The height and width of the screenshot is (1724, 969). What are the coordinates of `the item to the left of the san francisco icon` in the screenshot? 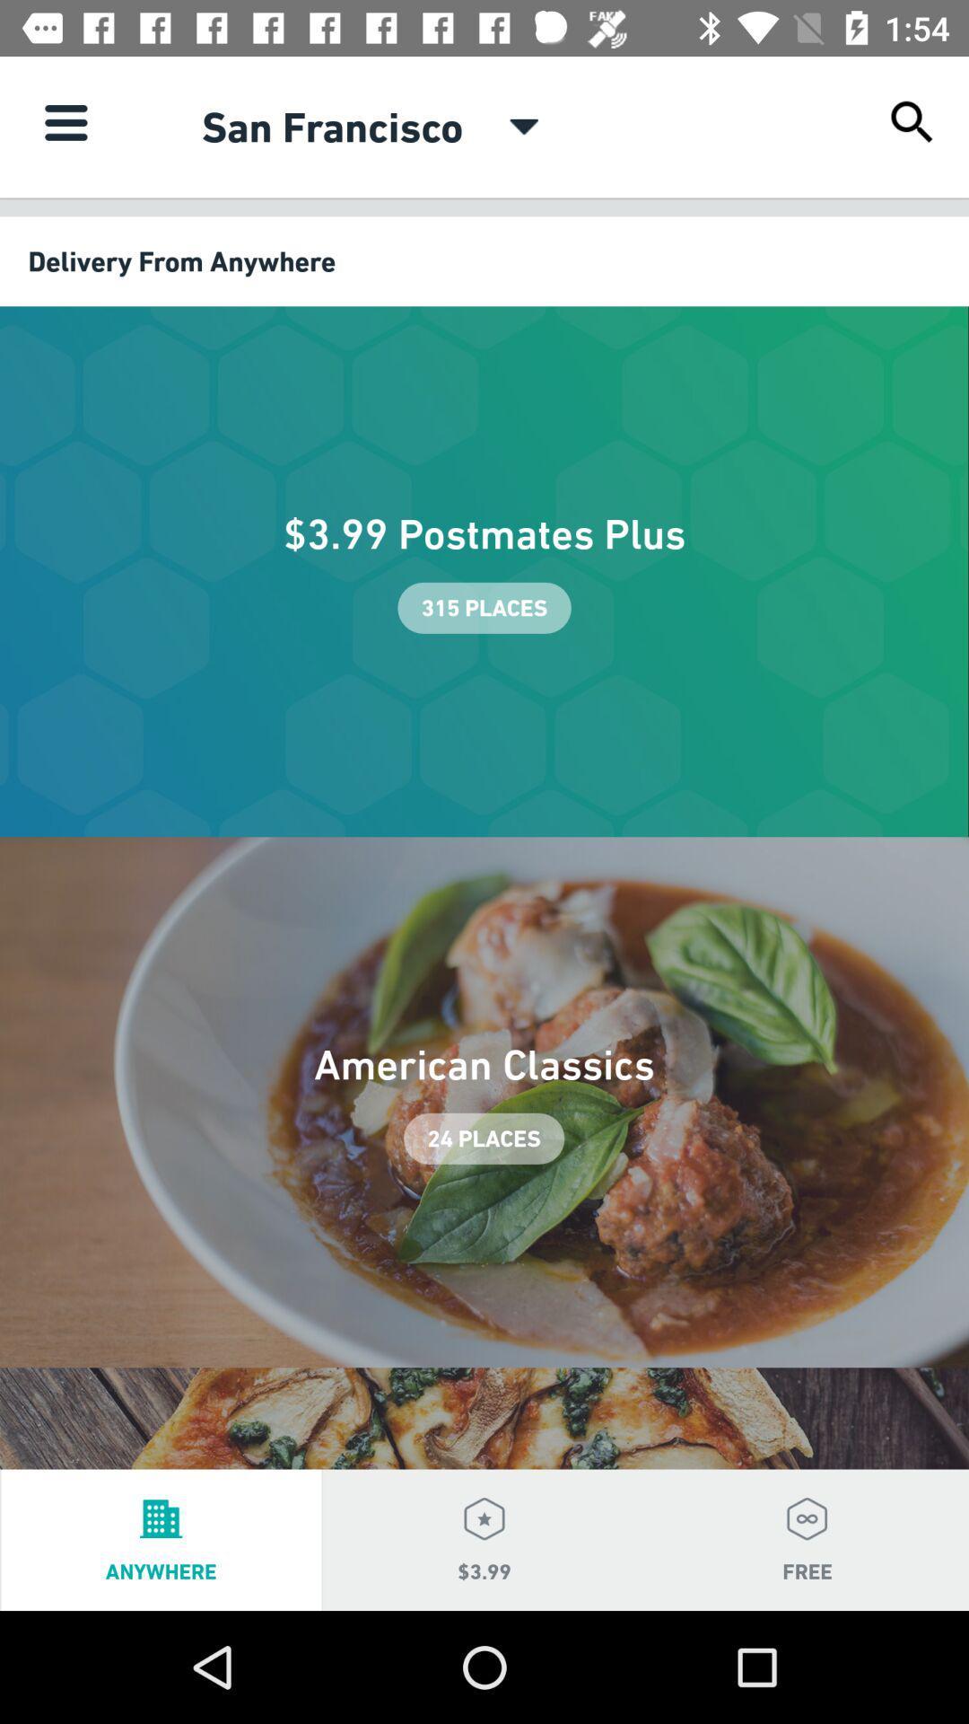 It's located at (65, 121).